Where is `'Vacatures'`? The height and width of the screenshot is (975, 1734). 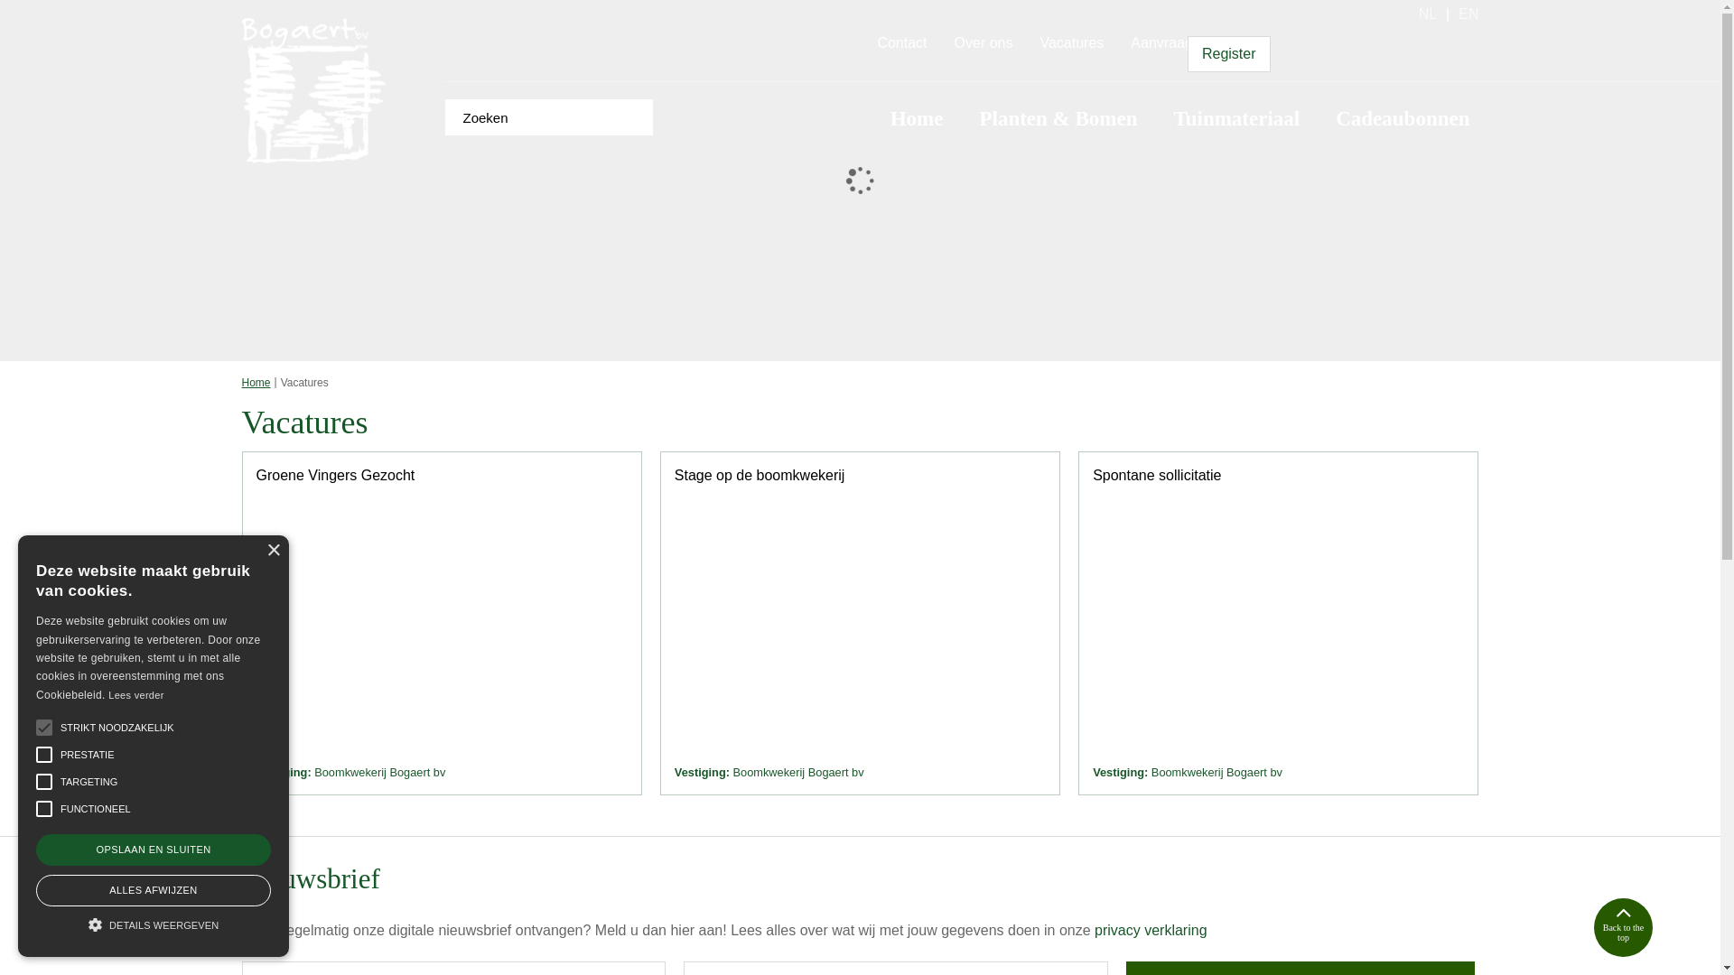
'Vacatures' is located at coordinates (304, 382).